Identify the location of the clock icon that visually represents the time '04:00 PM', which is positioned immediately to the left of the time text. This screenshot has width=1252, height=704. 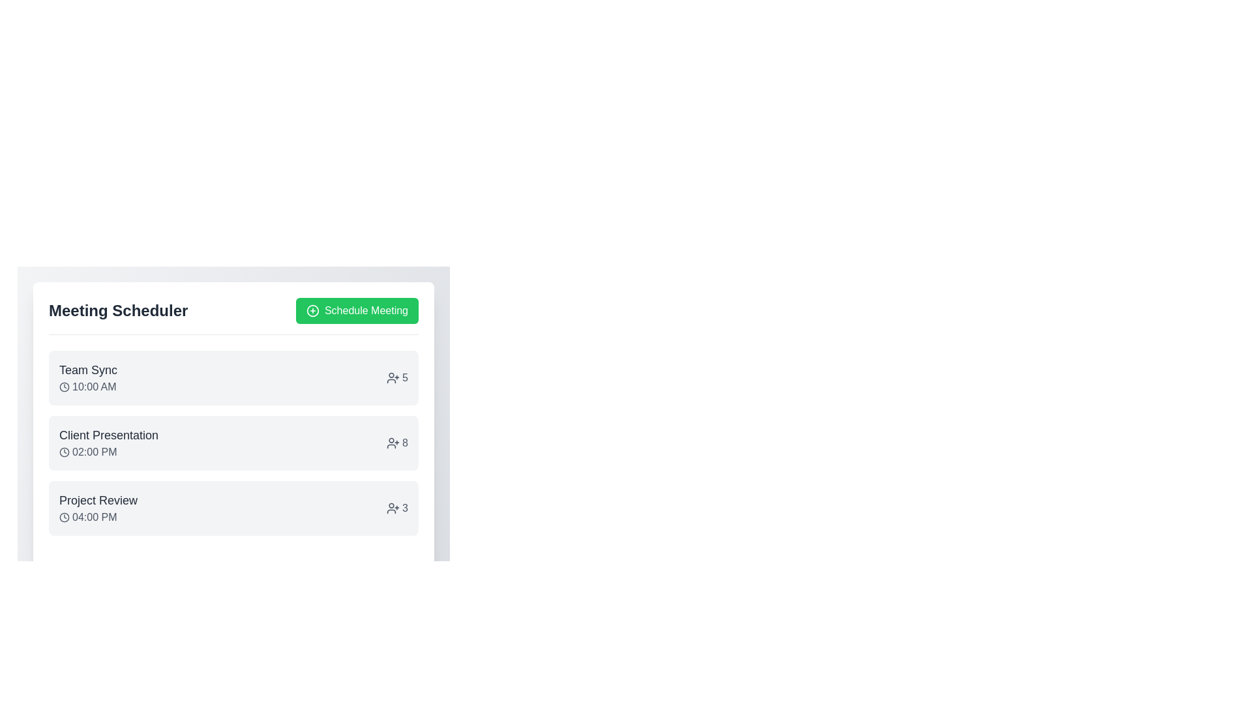
(64, 517).